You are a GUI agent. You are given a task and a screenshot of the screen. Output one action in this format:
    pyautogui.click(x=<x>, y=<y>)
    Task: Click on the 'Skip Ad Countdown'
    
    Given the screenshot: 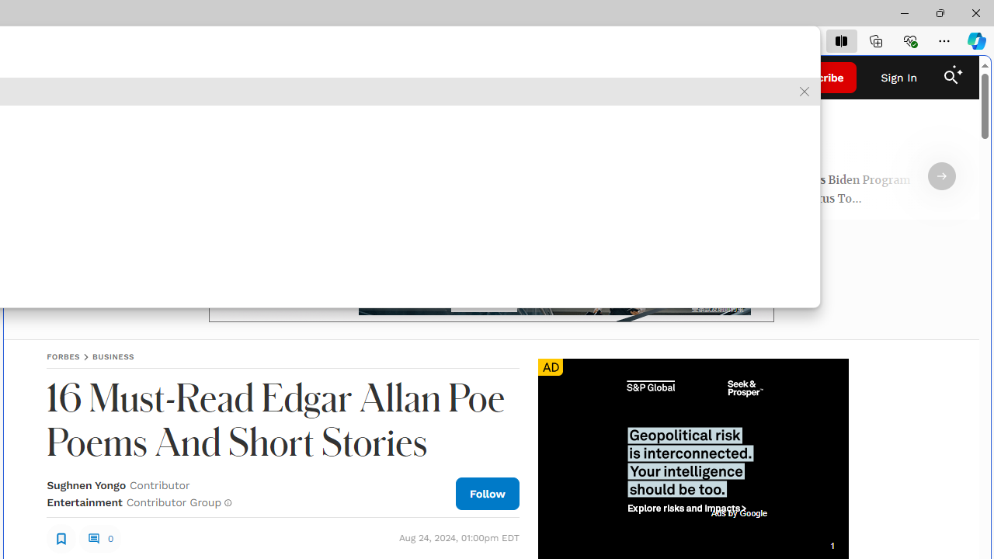 What is the action you would take?
    pyautogui.click(x=831, y=545)
    